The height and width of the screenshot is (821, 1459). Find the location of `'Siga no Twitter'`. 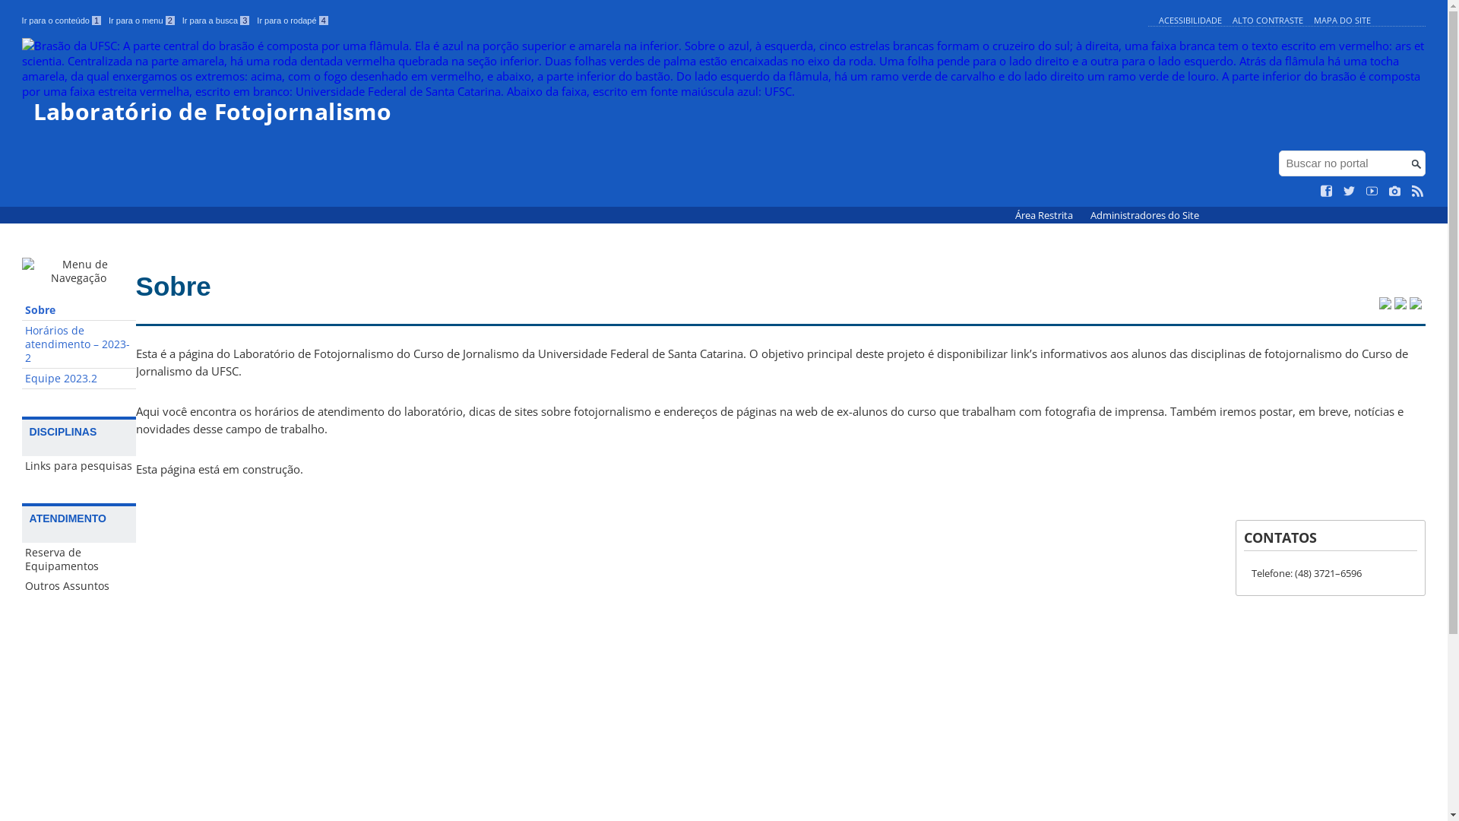

'Siga no Twitter' is located at coordinates (1350, 190).